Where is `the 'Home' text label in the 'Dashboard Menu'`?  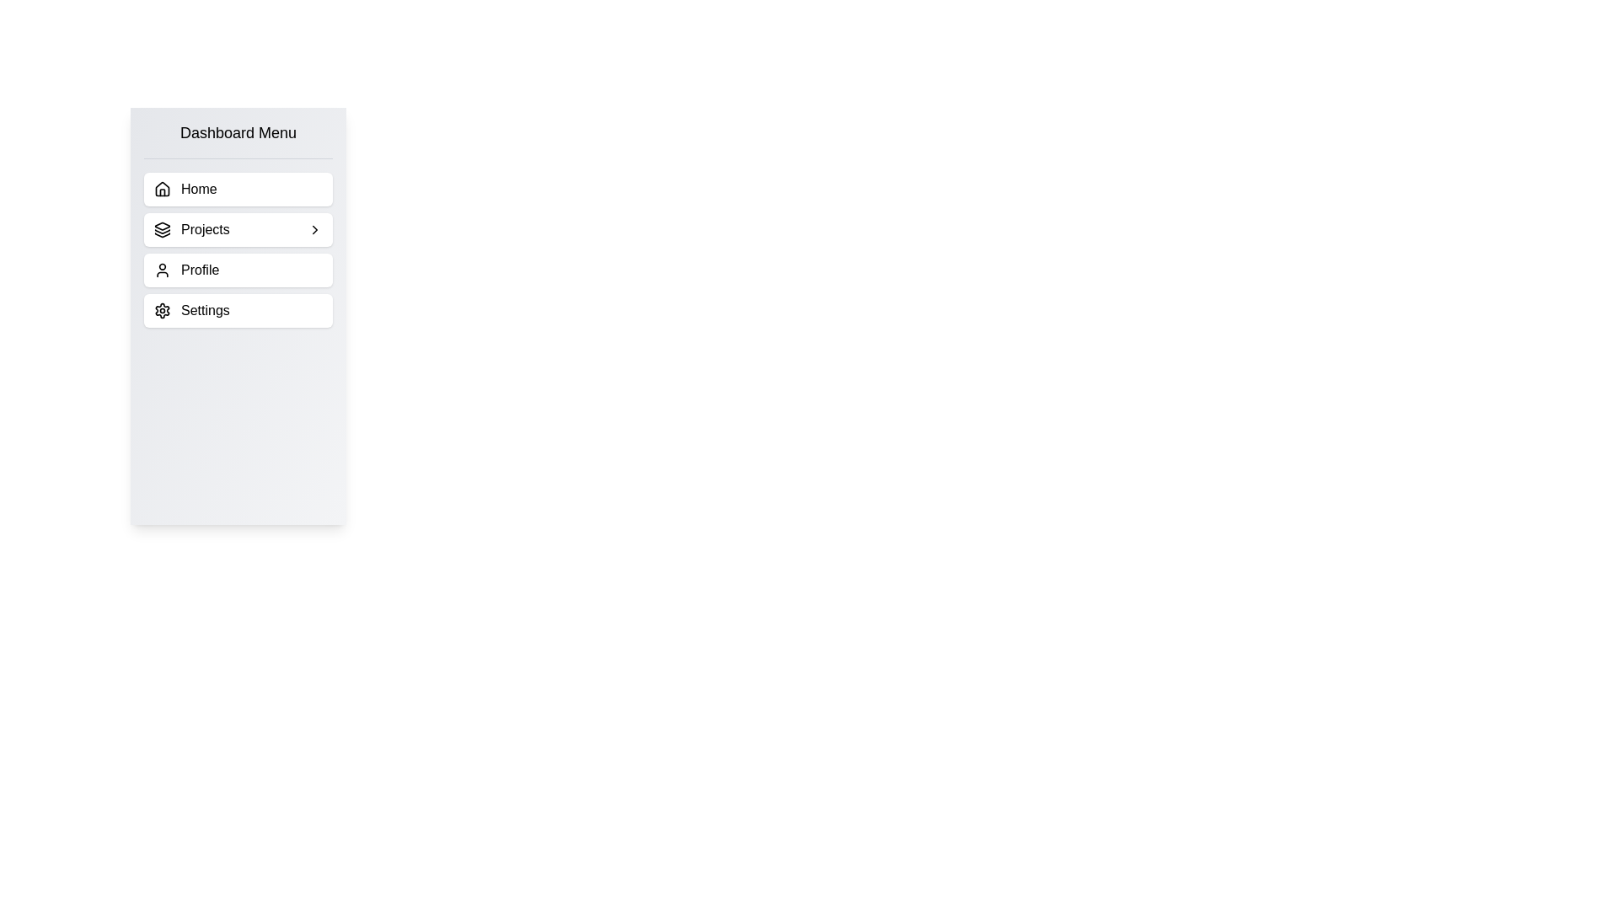
the 'Home' text label in the 'Dashboard Menu' is located at coordinates (199, 189).